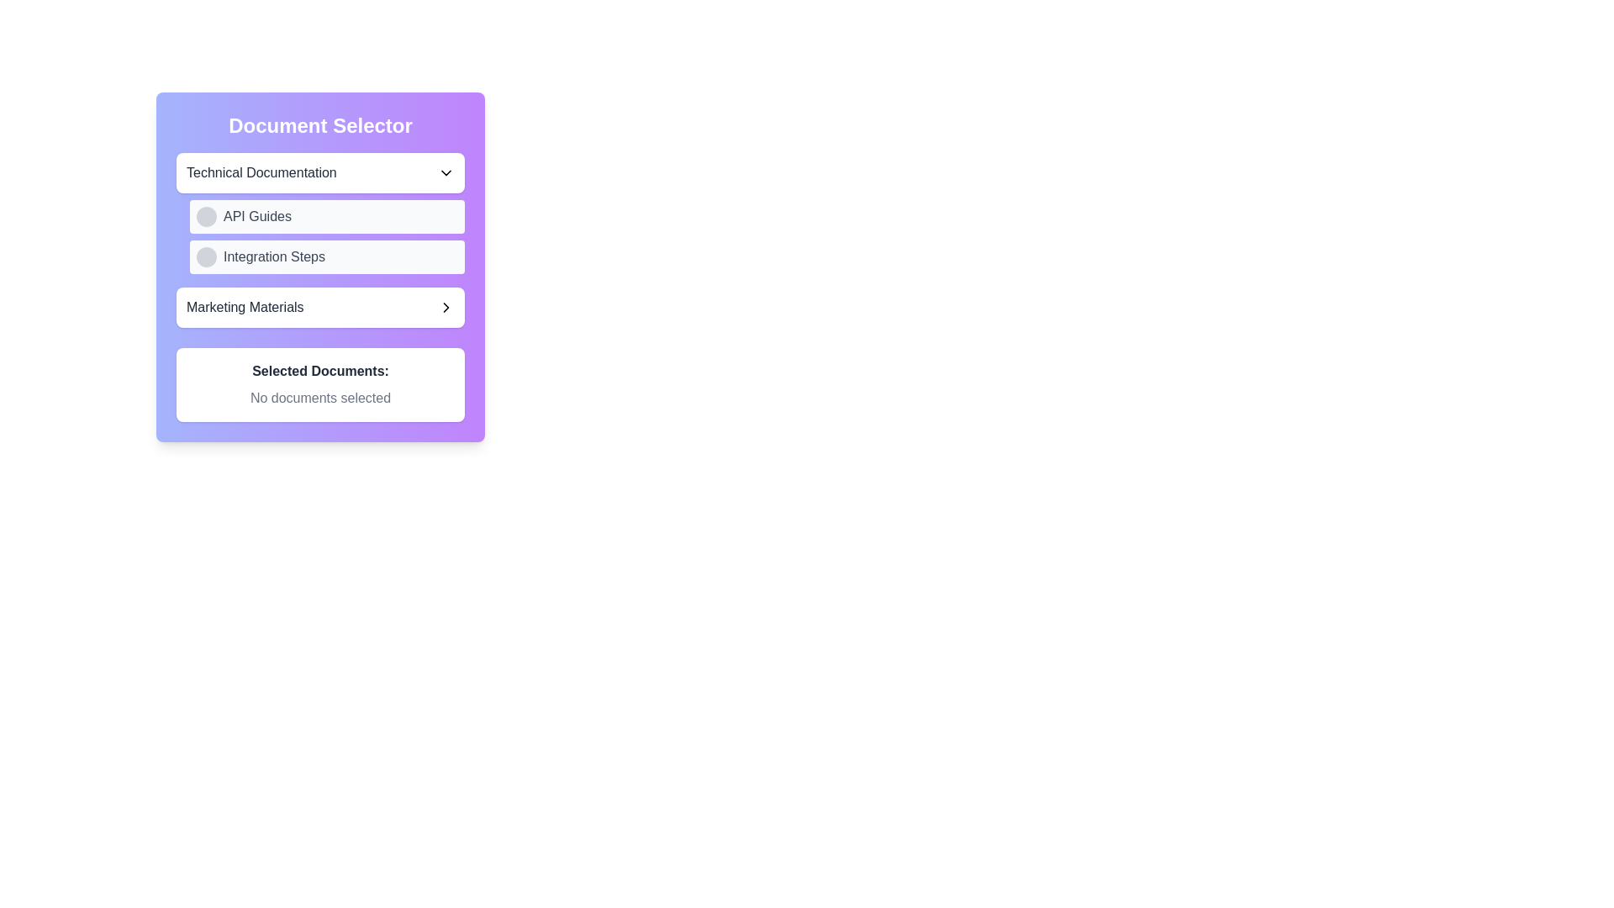 Image resolution: width=1614 pixels, height=908 pixels. What do you see at coordinates (320, 399) in the screenshot?
I see `the informational text label indicating that no documents have been selected, which is positioned below the 'Selected Documents:' header` at bounding box center [320, 399].